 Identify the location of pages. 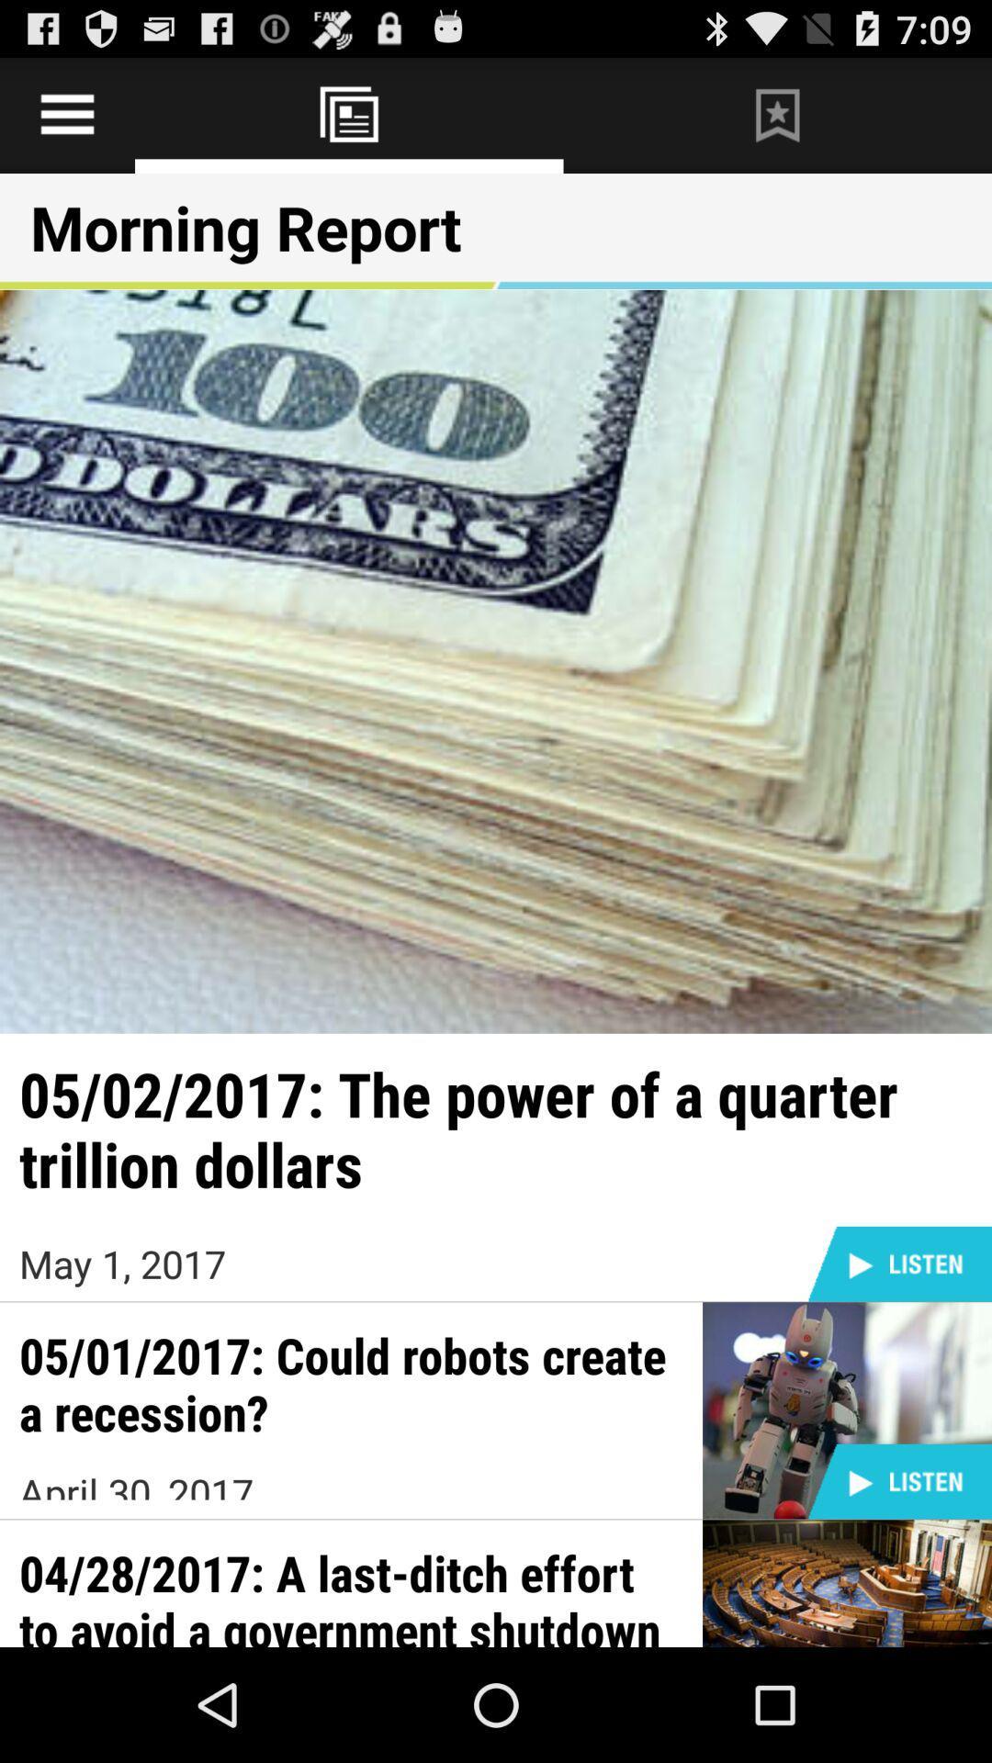
(66, 114).